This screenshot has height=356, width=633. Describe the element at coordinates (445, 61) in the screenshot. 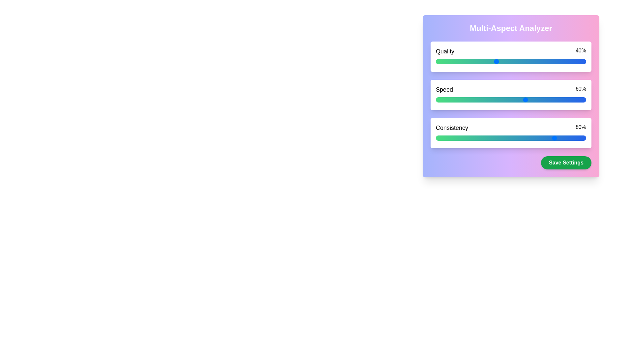

I see `quality` at that location.